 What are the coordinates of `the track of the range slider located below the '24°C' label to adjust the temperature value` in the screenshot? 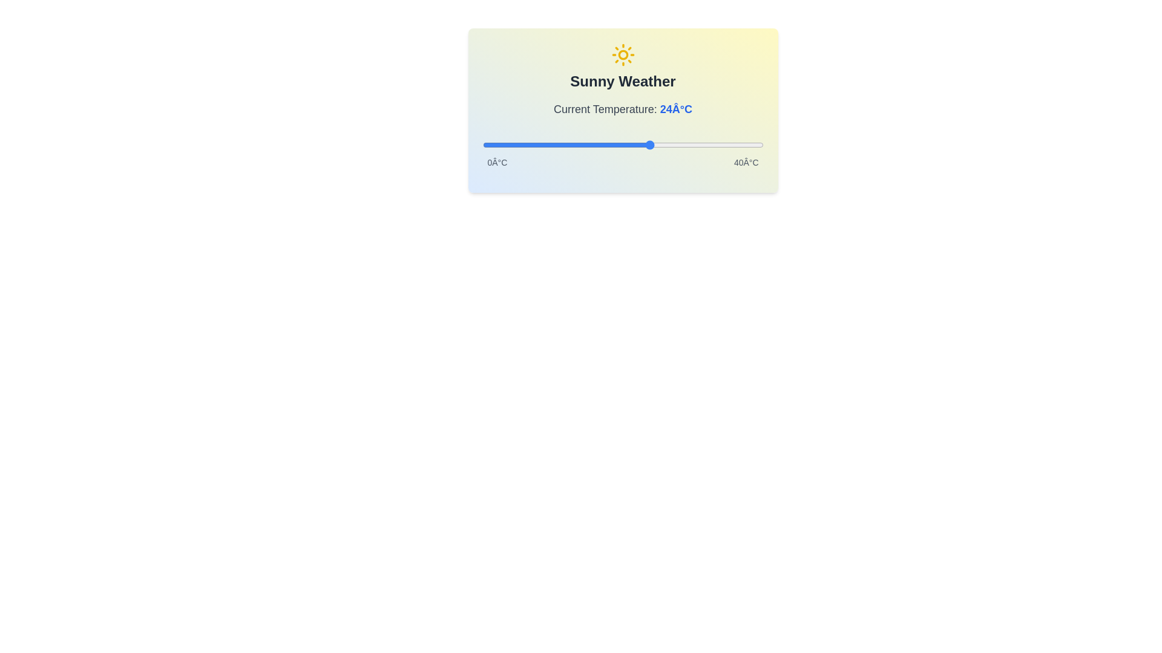 It's located at (623, 144).